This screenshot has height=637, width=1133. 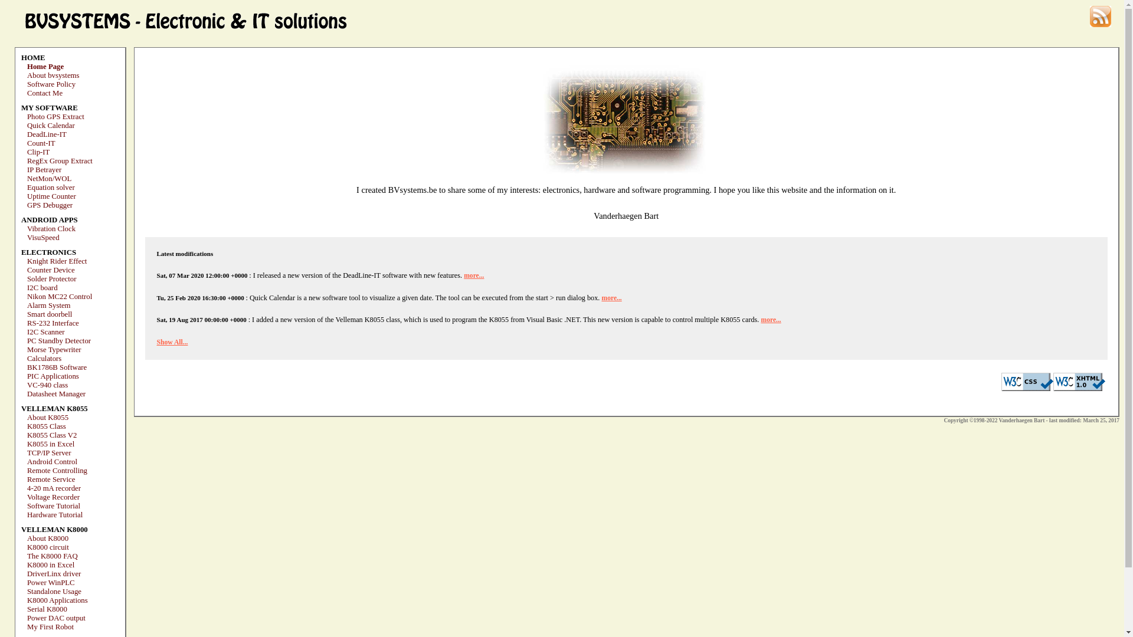 I want to click on 'The K8000 FAQ', so click(x=52, y=556).